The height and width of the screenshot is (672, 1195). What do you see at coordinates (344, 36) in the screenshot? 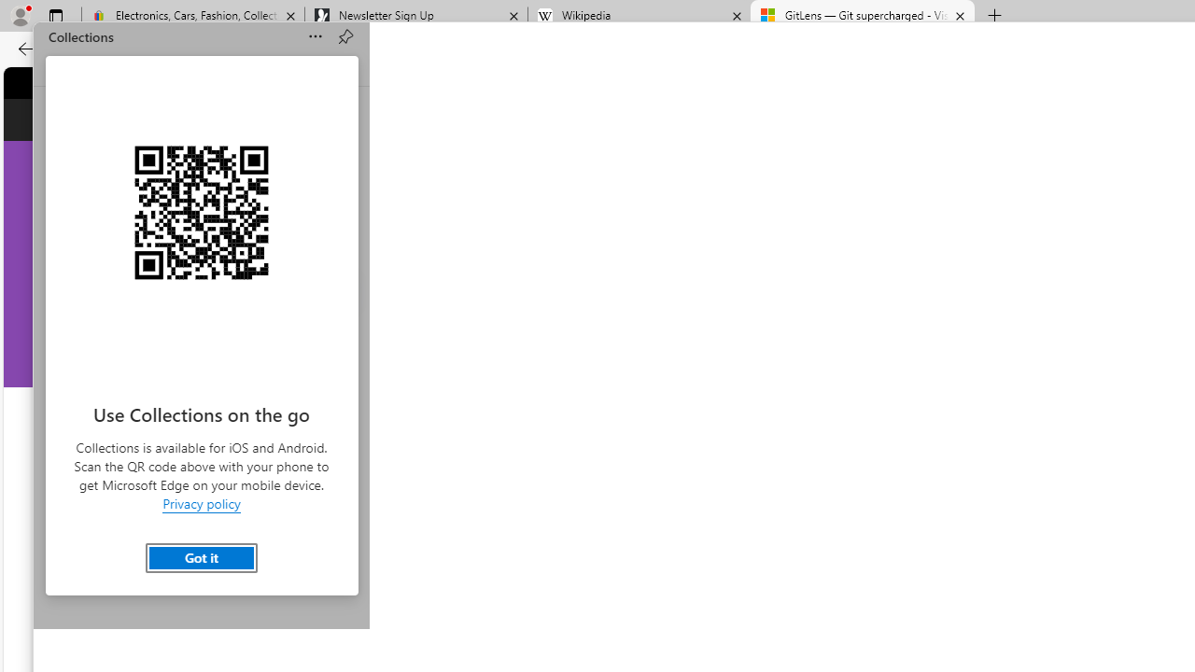
I see `'Pin Collections'` at bounding box center [344, 36].